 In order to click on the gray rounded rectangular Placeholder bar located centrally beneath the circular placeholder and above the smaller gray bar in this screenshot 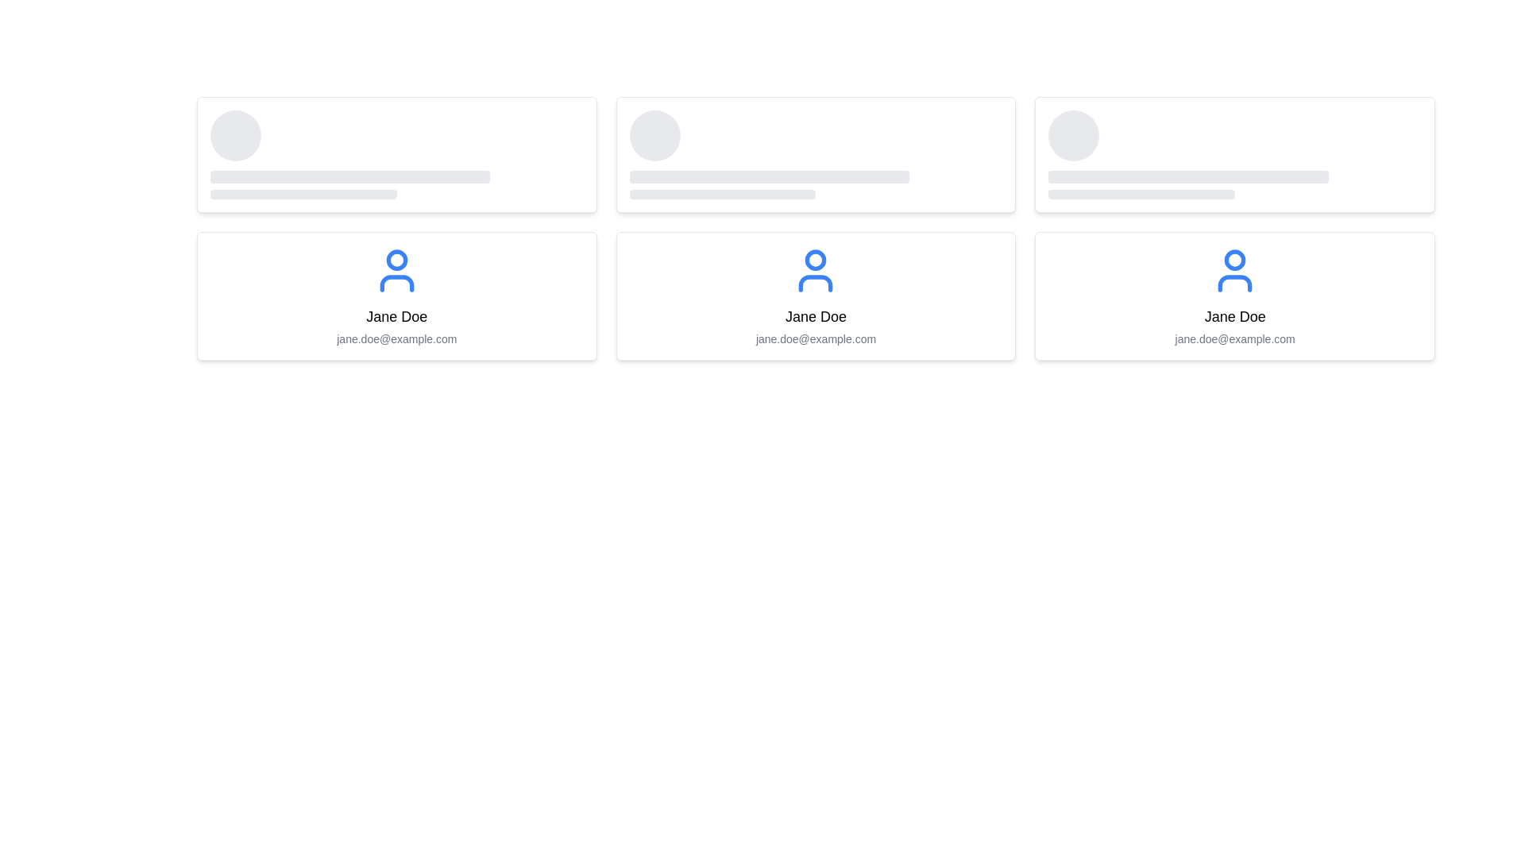, I will do `click(769, 177)`.